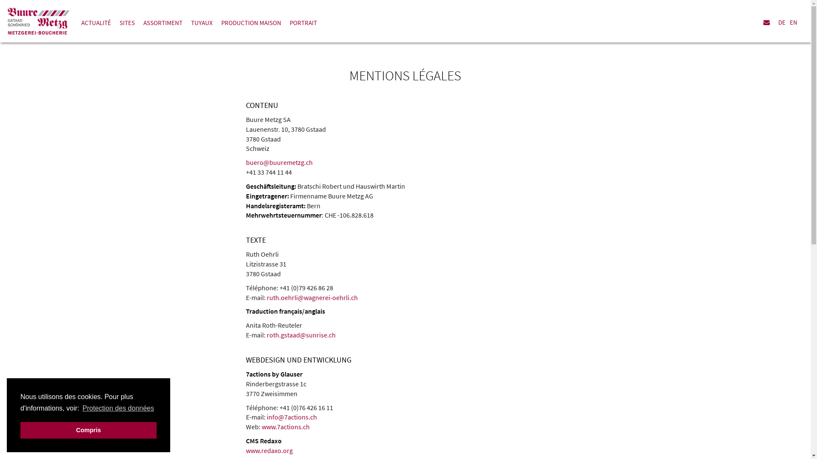 Image resolution: width=817 pixels, height=459 pixels. I want to click on 'EN', so click(796, 20).